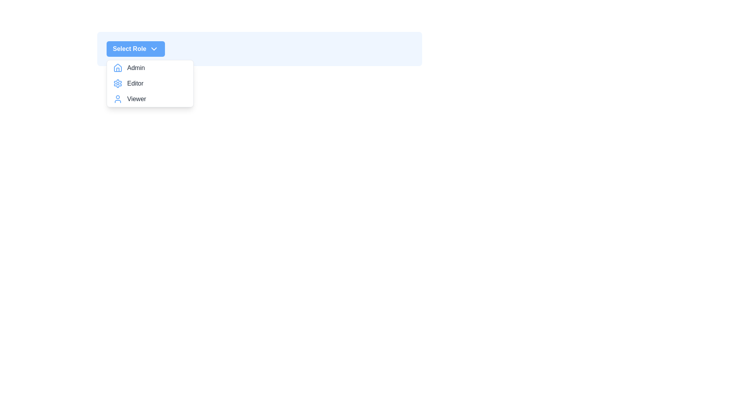 This screenshot has width=747, height=420. I want to click on the menu item Editor to see the hover effect, so click(150, 84).